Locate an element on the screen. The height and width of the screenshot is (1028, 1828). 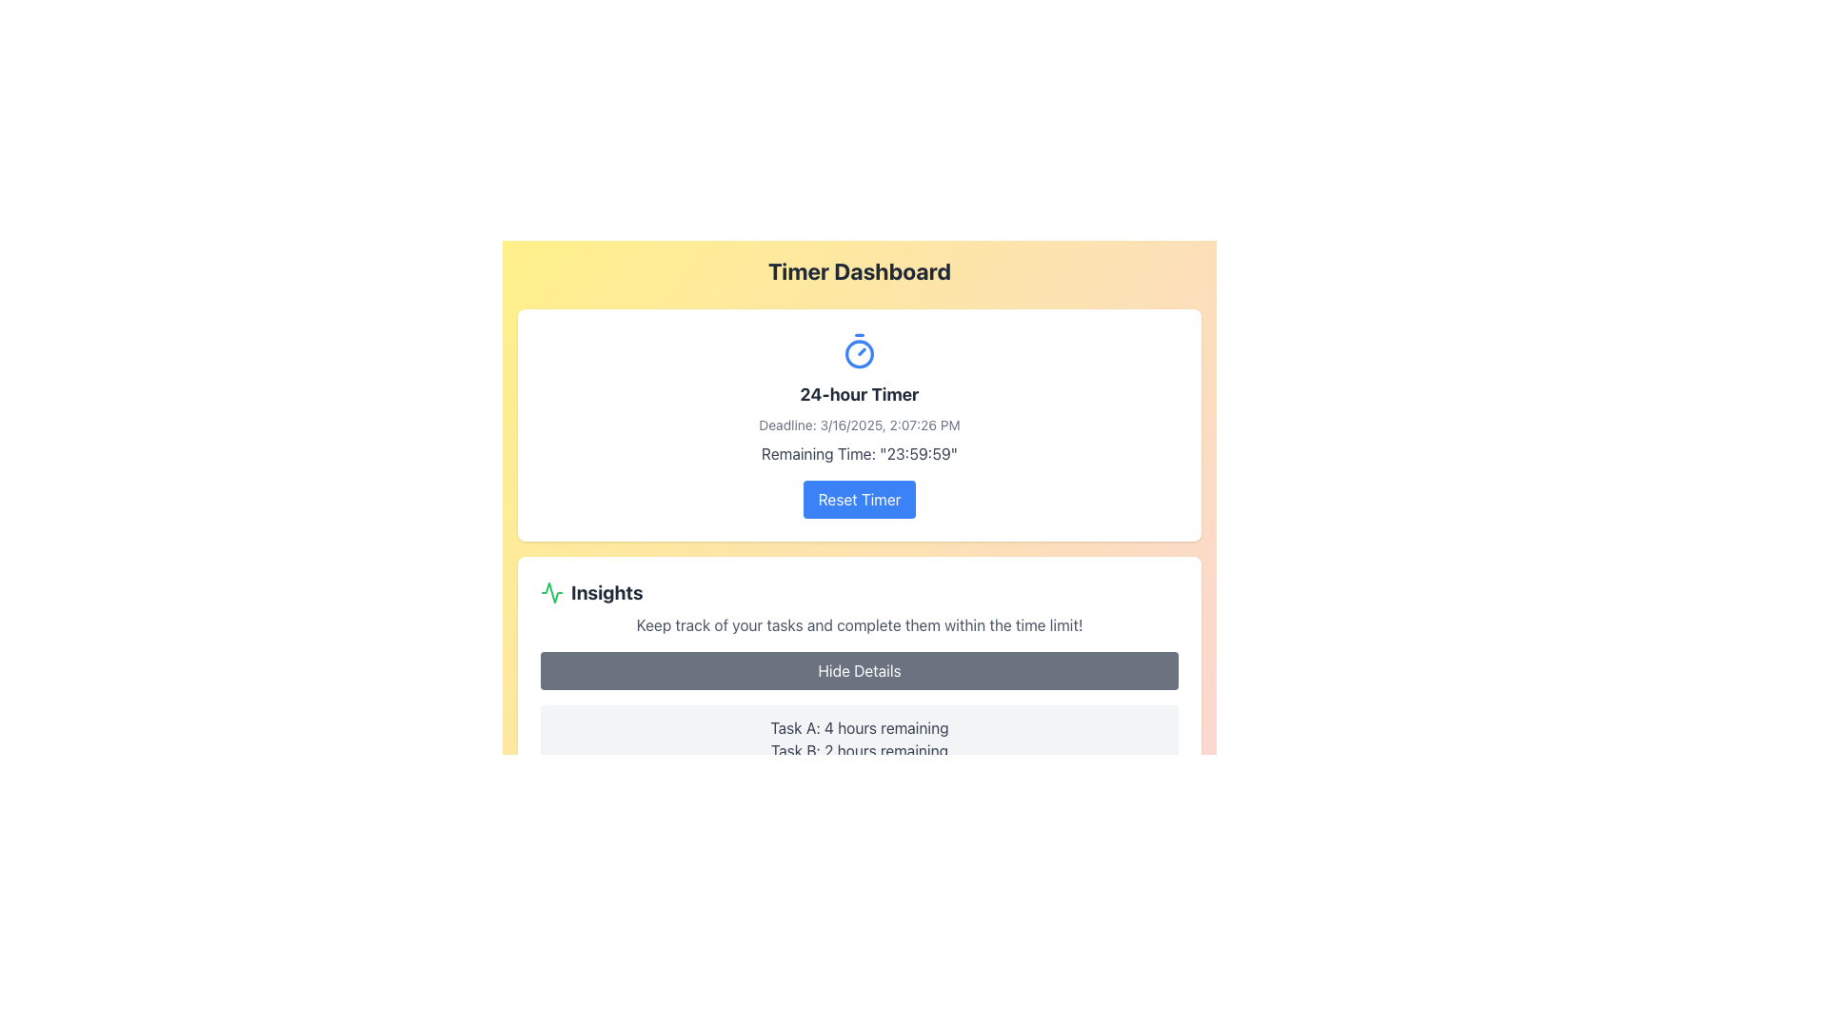
text from the light gray box containing task details, located in the 'Insights' section, underneath the 'Hide Details' button is located at coordinates (858, 750).